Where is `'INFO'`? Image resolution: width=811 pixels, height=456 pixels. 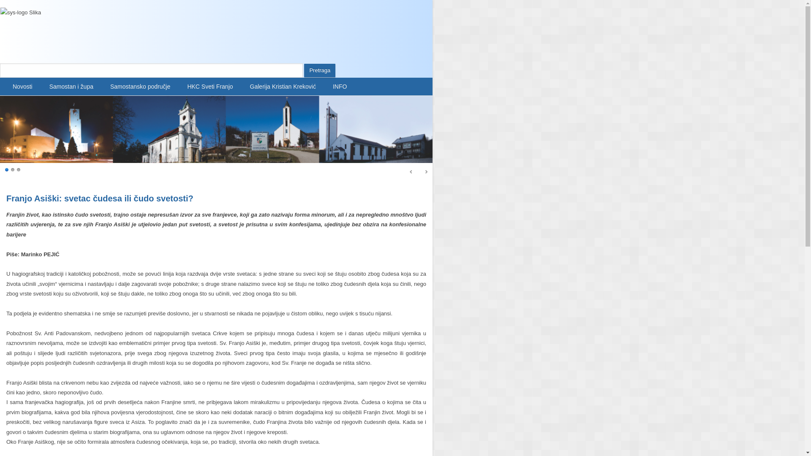
'INFO' is located at coordinates (340, 86).